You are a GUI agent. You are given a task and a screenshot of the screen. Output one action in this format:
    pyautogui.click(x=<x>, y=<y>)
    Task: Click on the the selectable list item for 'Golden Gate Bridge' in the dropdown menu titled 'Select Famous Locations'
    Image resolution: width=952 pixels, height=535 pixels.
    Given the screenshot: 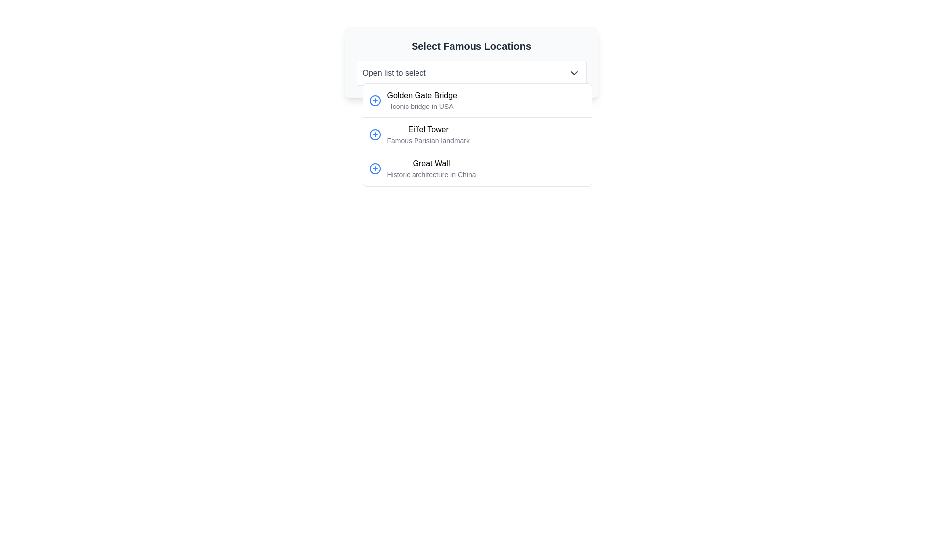 What is the action you would take?
    pyautogui.click(x=477, y=101)
    